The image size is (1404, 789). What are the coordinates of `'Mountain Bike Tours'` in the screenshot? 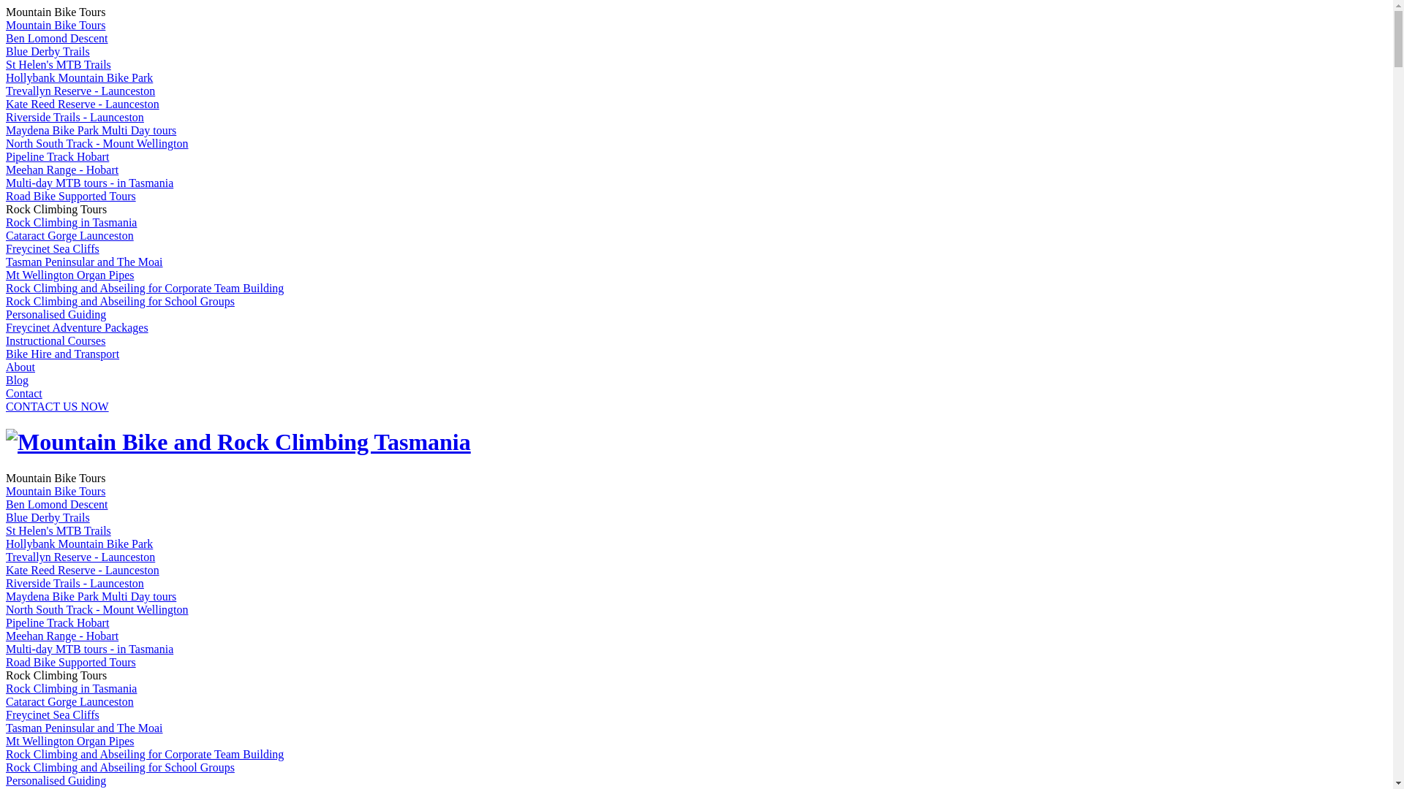 It's located at (56, 25).